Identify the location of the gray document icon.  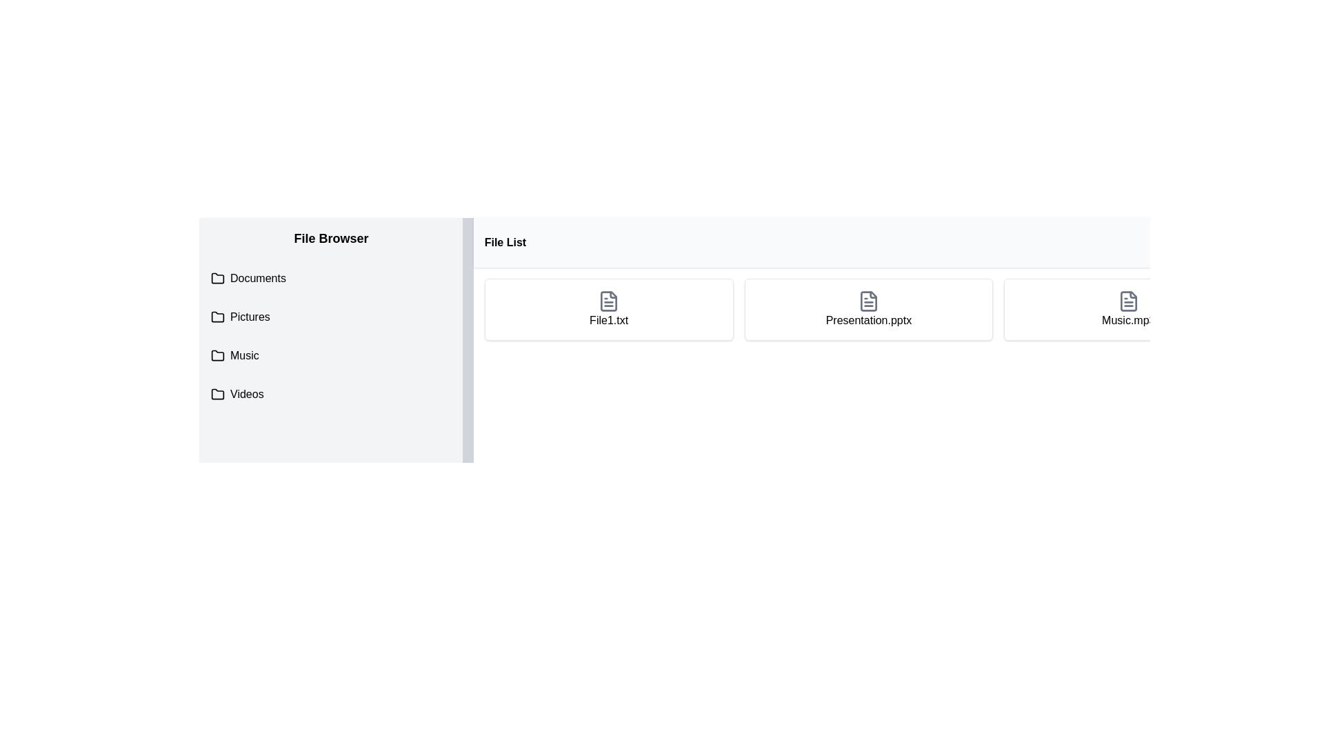
(867, 300).